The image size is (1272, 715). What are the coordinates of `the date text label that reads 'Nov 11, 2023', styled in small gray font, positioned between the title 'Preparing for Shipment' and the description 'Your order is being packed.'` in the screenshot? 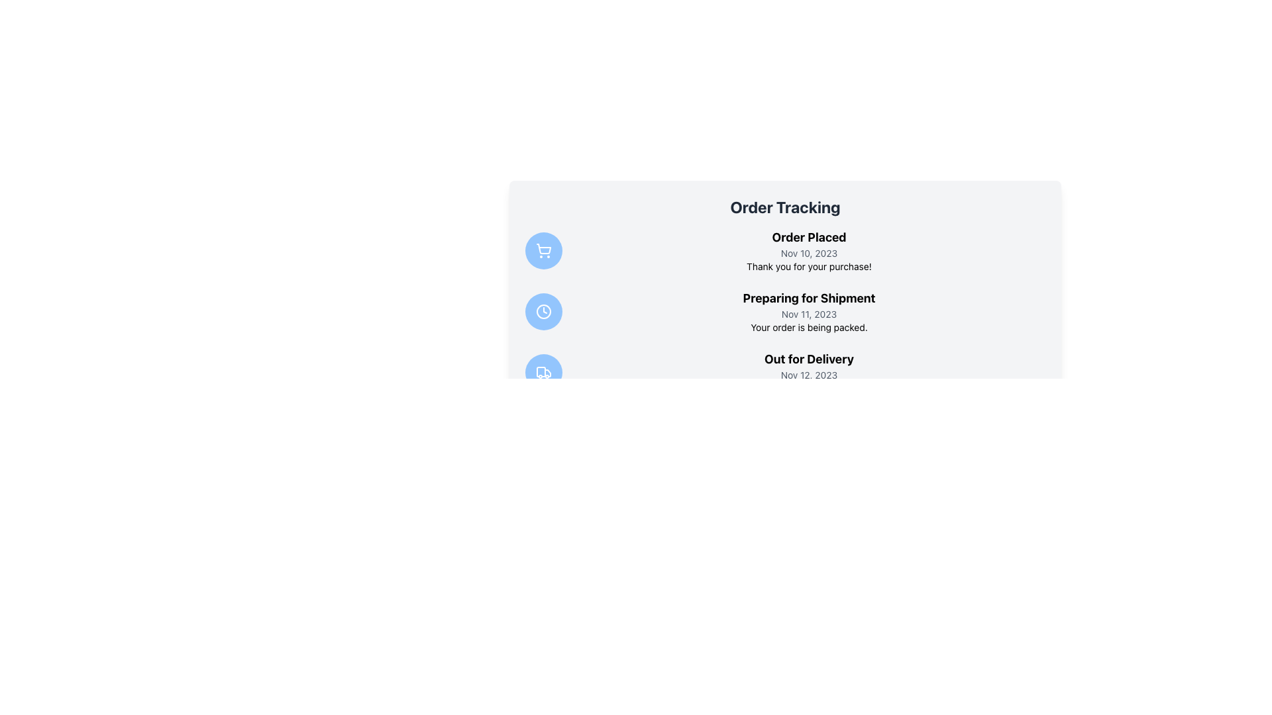 It's located at (808, 314).